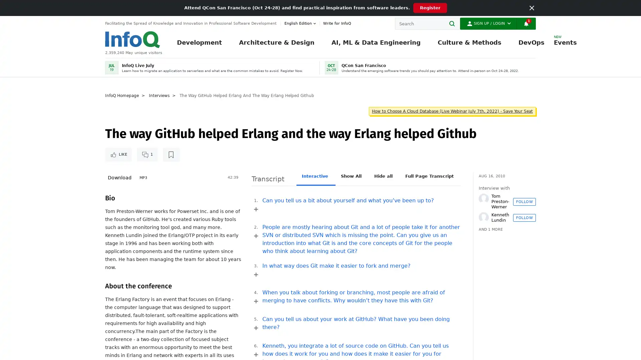  I want to click on Notifications, so click(525, 23).